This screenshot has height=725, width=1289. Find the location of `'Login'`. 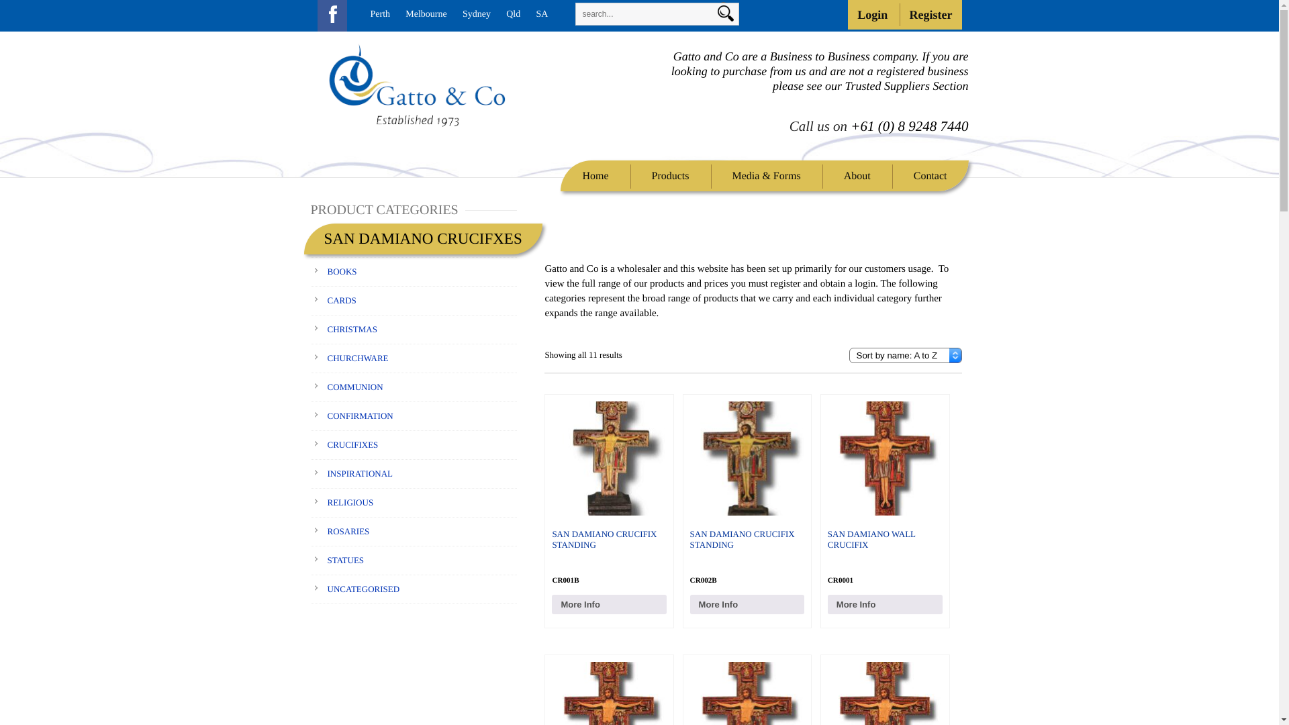

'Login' is located at coordinates (847, 15).